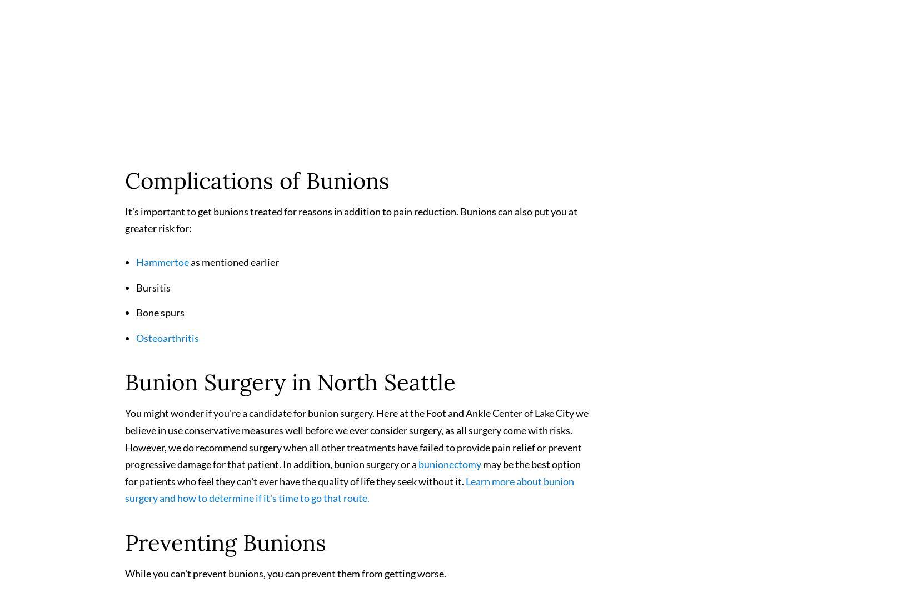  I want to click on 'may be the best option for patients who feel they can't ever have the quality of life they seek without it.', so click(352, 476).